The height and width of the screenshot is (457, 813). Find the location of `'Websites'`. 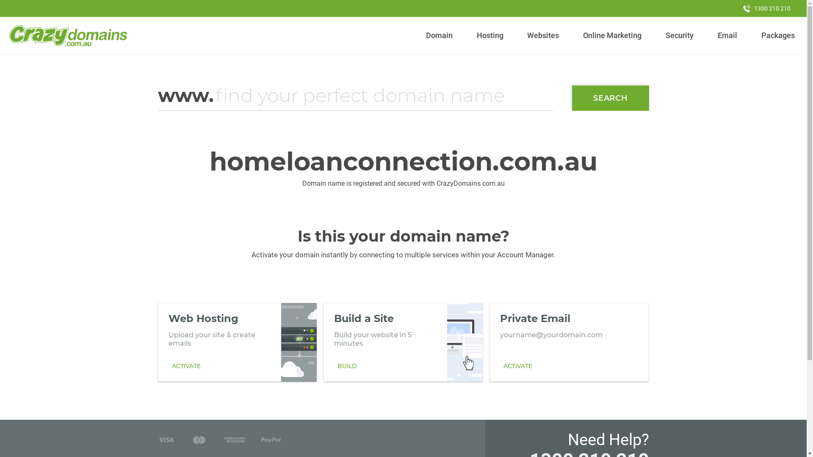

'Websites' is located at coordinates (543, 35).